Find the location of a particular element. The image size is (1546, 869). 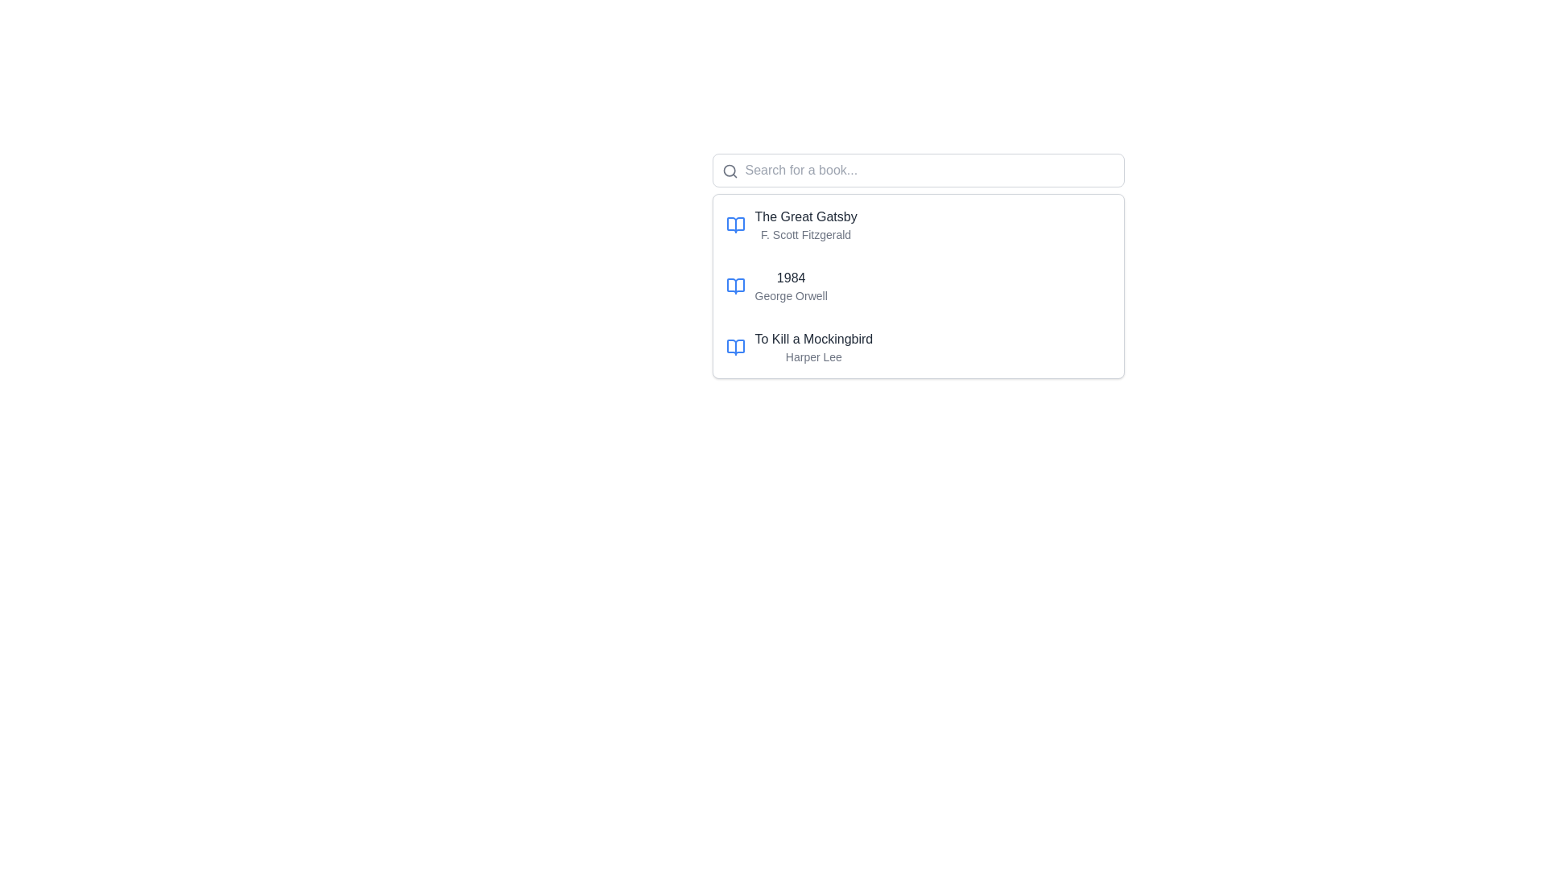

the blue open book icon located to the left of the book title 'The Great Gatsby' is located at coordinates (734, 225).